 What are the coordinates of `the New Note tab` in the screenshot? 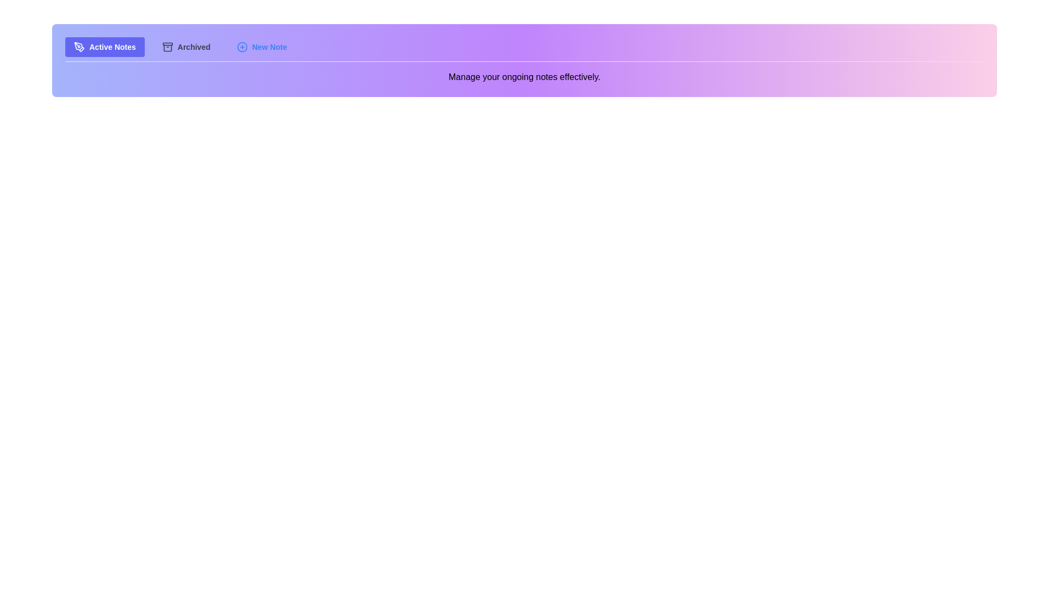 It's located at (261, 46).